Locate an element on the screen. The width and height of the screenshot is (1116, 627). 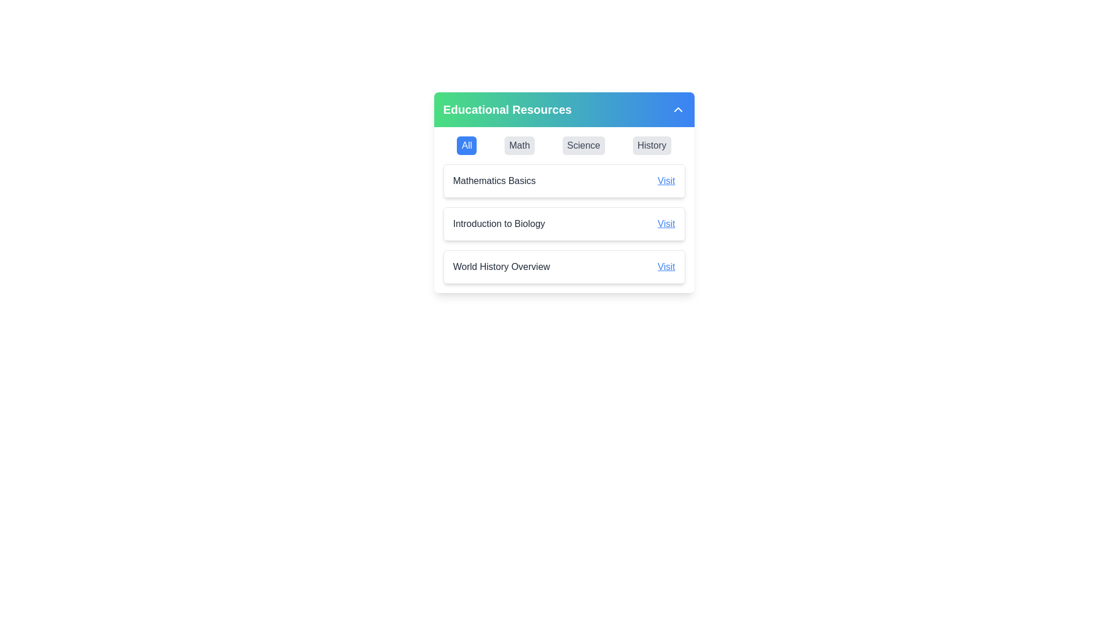
keyboard navigation is located at coordinates (652, 145).